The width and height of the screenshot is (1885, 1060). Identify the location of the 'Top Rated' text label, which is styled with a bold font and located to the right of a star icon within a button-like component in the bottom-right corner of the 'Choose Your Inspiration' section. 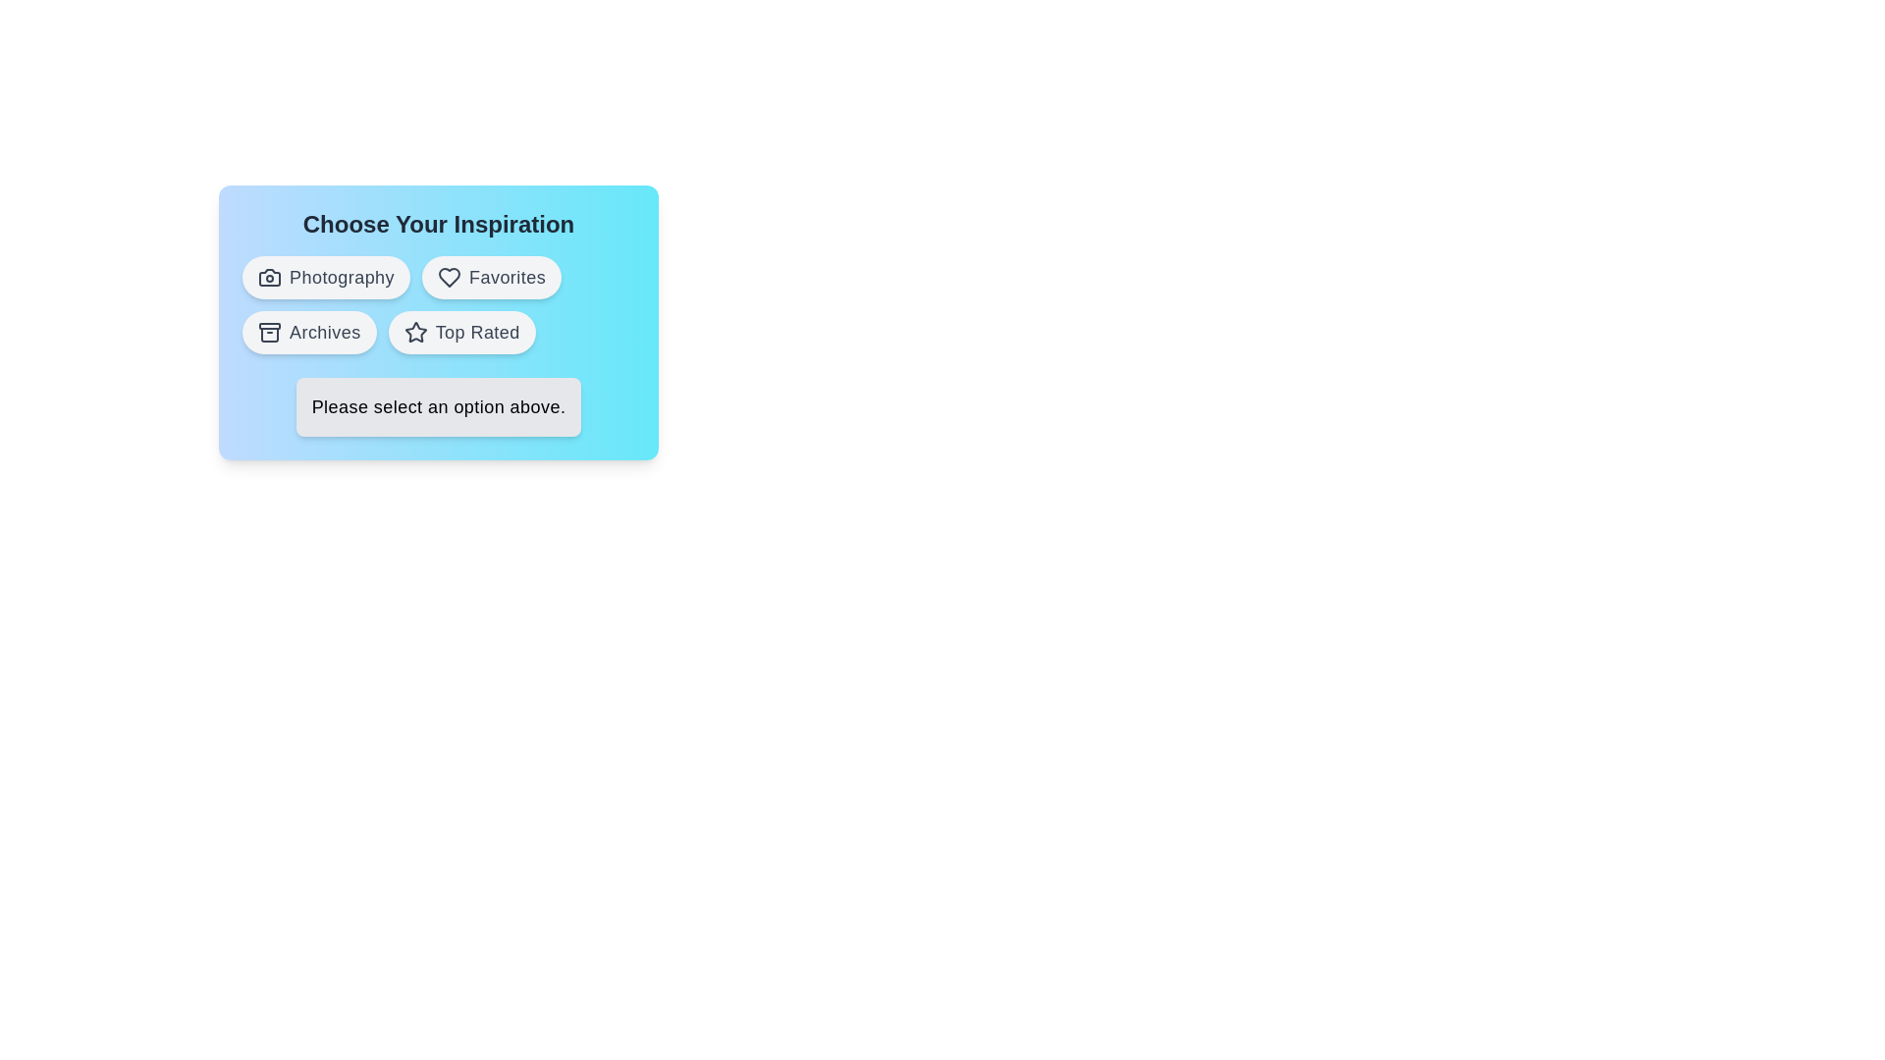
(477, 332).